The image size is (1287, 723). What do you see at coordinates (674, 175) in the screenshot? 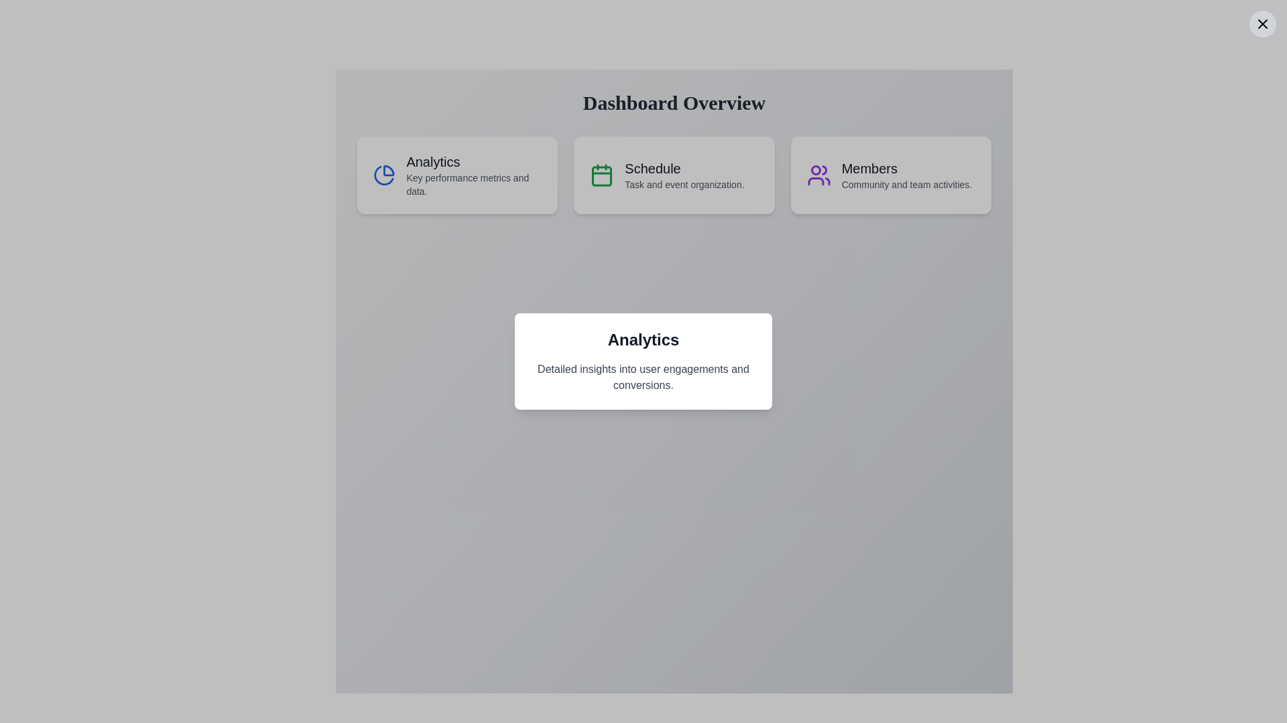
I see `the 'Schedule' button, which is a rectangular card with a white background, rounded corners, featuring a green calendar icon and the text 'Schedule' in bold` at bounding box center [674, 175].